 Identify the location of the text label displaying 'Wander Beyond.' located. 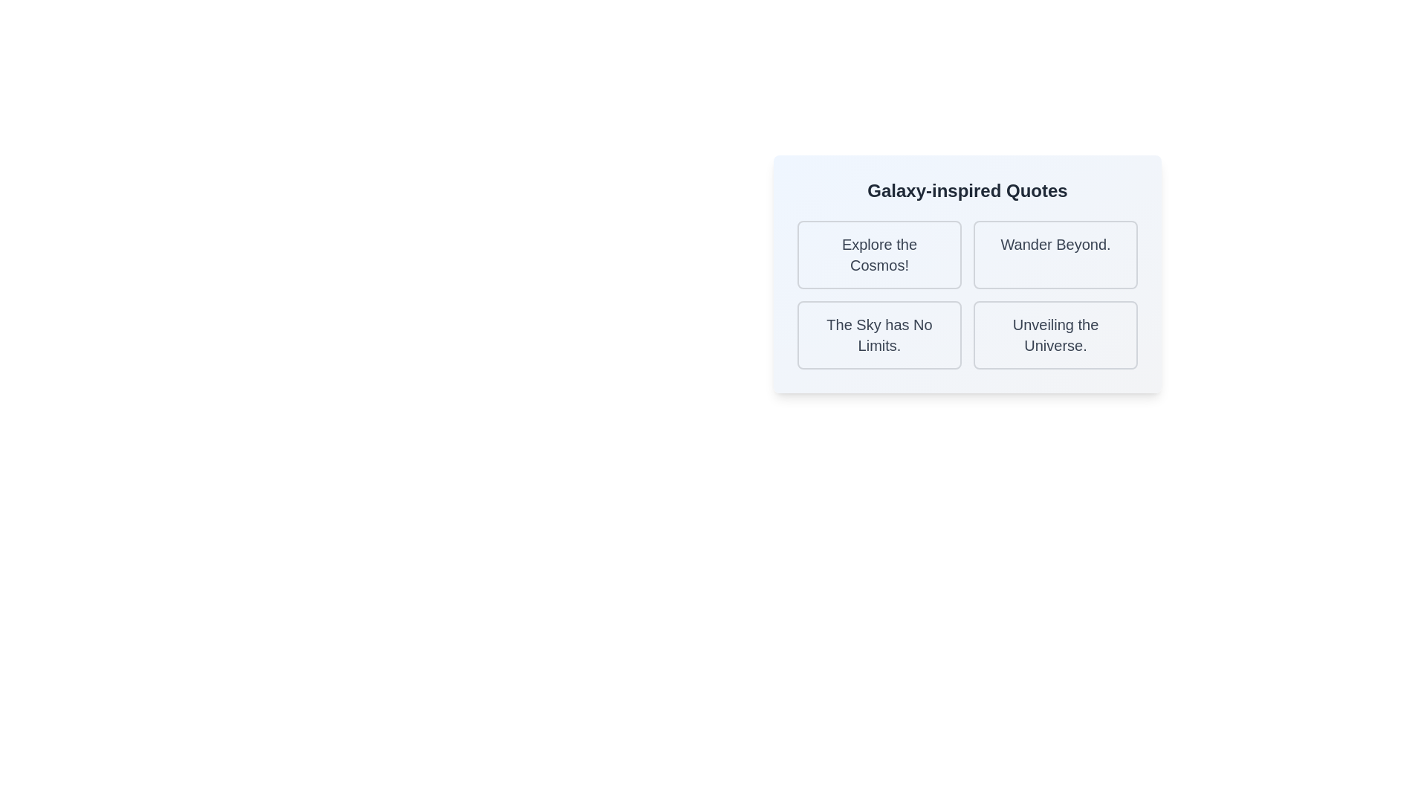
(1055, 243).